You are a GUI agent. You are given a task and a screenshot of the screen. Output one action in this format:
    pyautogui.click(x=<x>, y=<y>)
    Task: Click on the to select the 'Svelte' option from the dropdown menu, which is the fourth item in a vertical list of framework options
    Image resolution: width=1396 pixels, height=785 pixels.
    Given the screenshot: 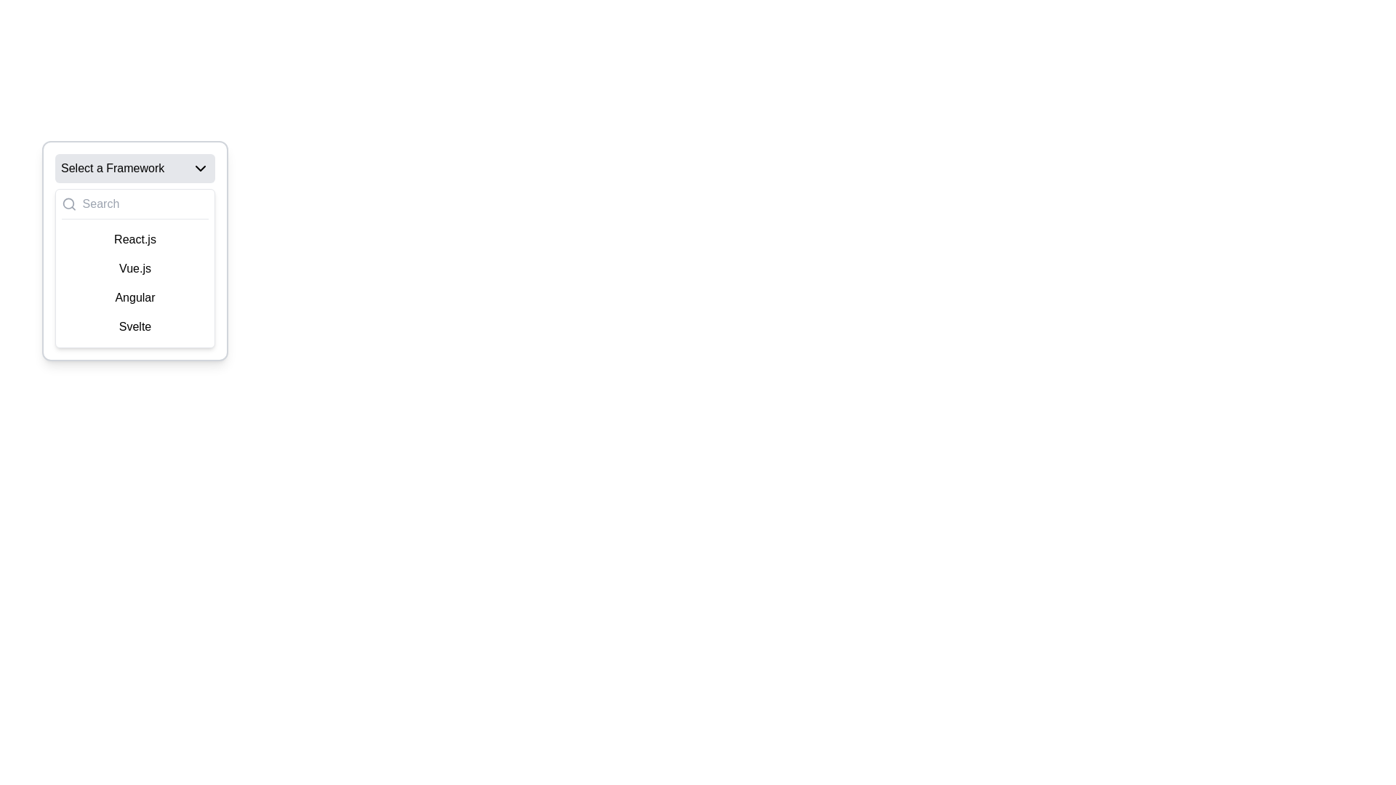 What is the action you would take?
    pyautogui.click(x=135, y=327)
    